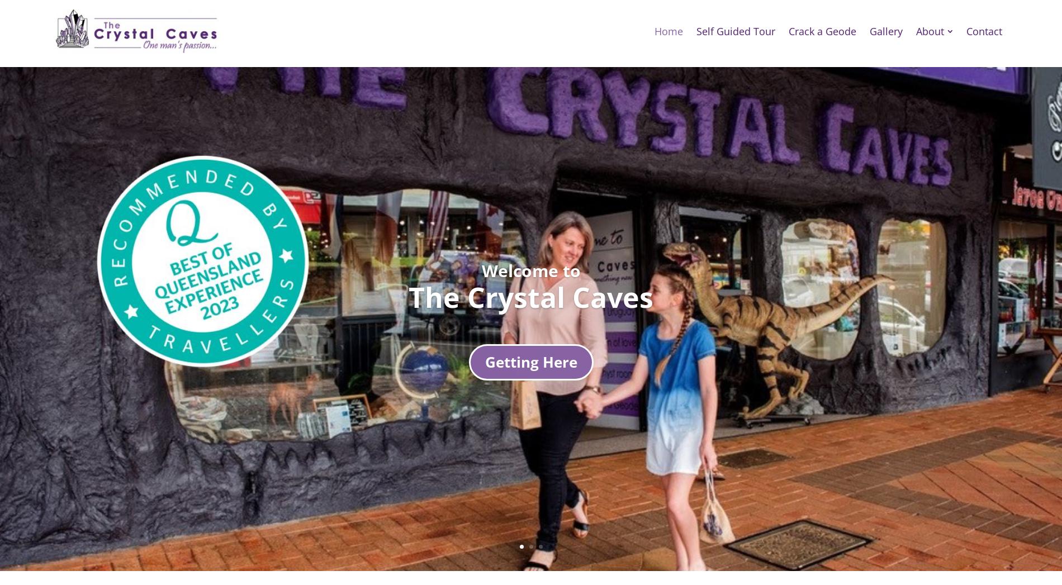 The image size is (1062, 585). I want to click on 'Touch, engage and experience natural crystals & prehistoric fossils in one of the worlds most extraordinary collections', so click(169, 390).